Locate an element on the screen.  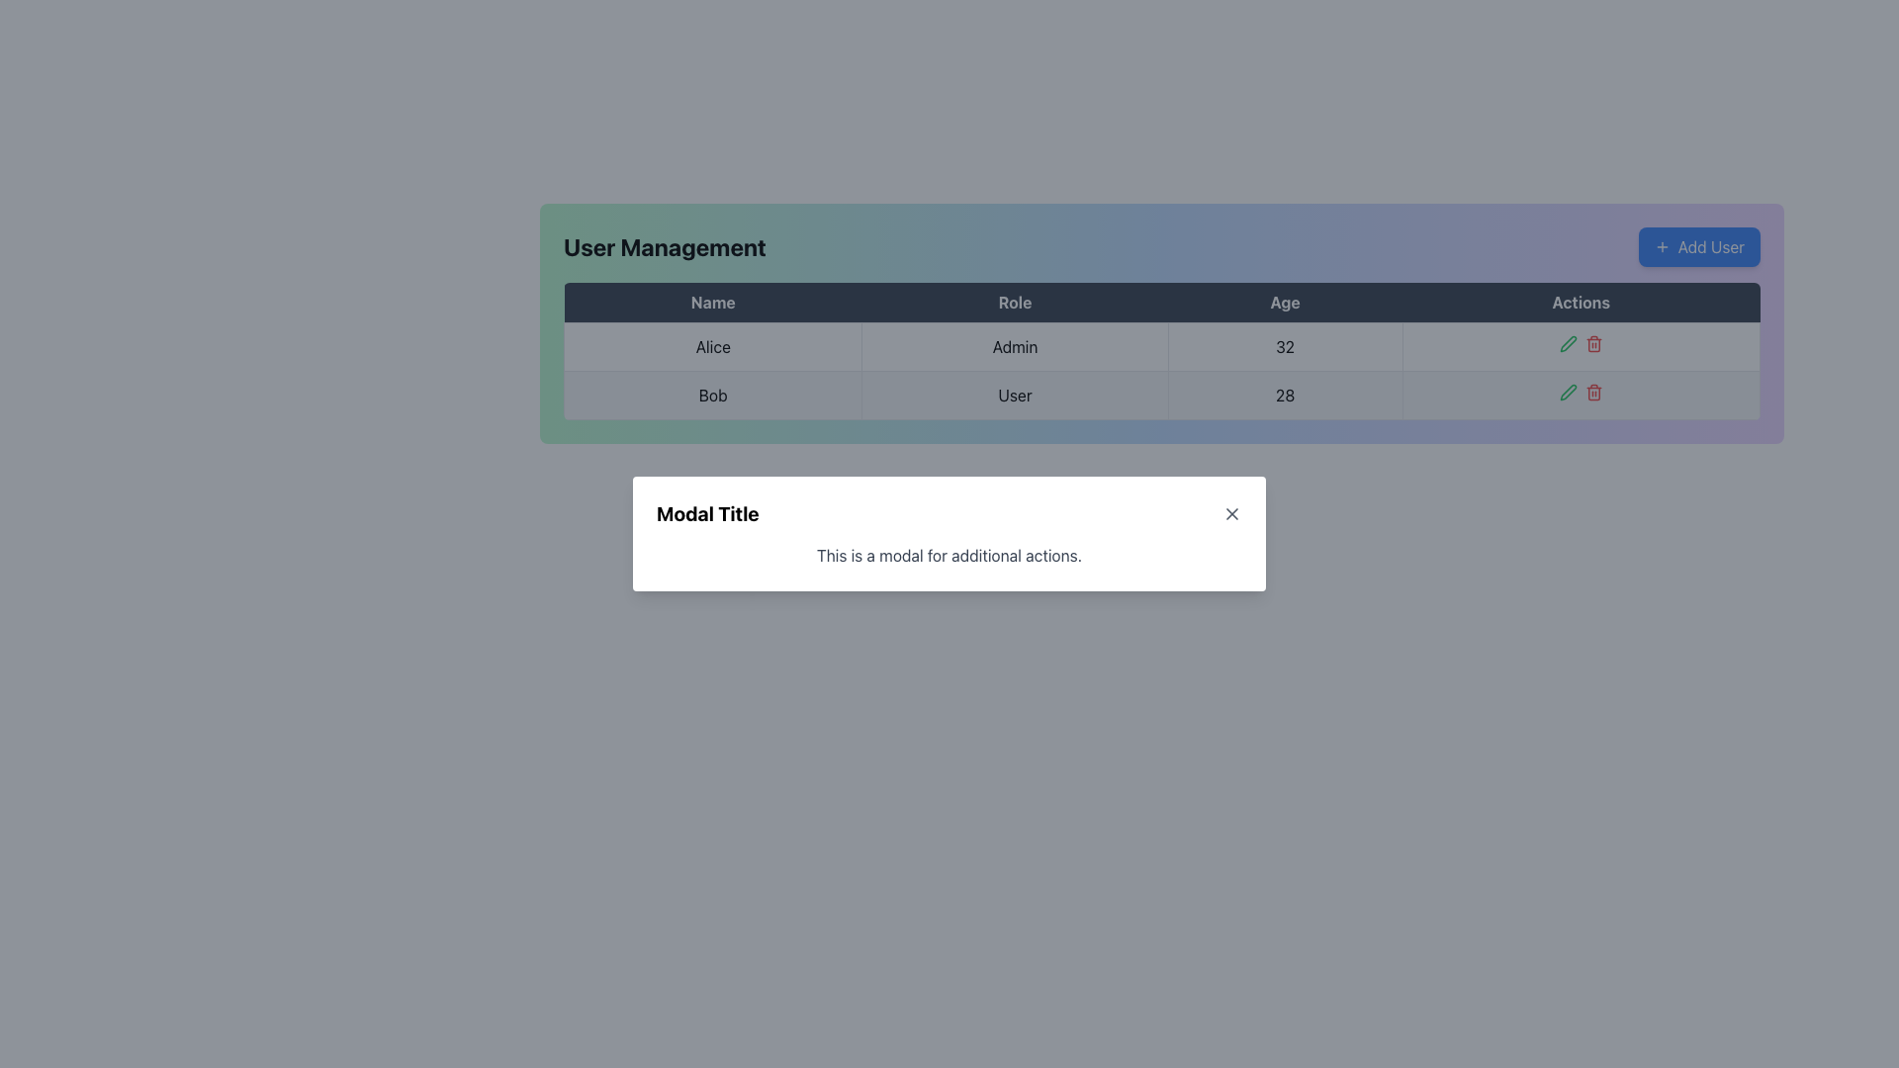
and interpret the textual content of the element displaying 'Alice' in the first column of the first data row under the 'Name' header in the User Management table is located at coordinates (712, 346).